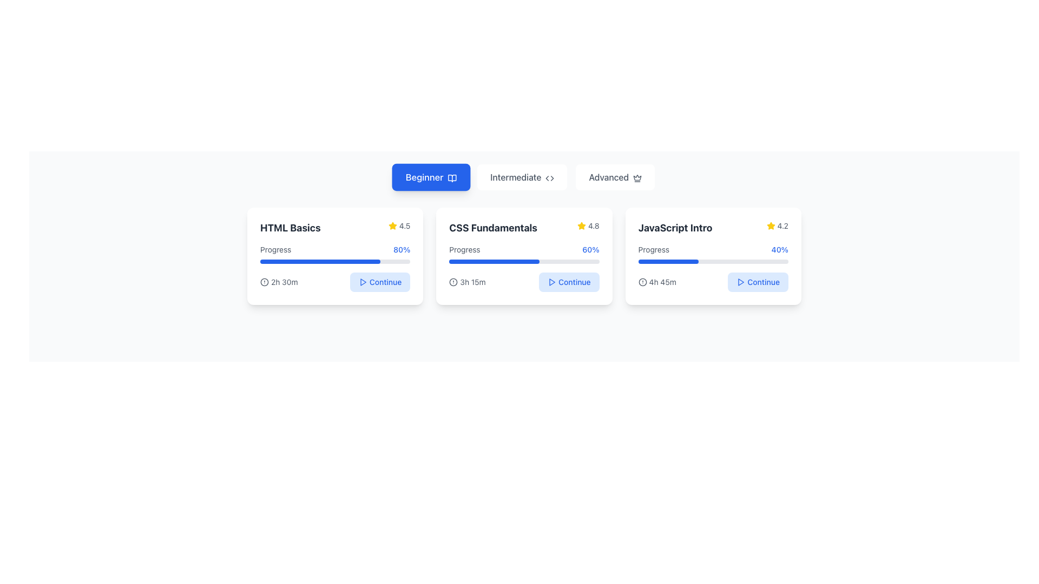 This screenshot has width=1039, height=584. I want to click on the Rating display element that consists of a yellow star icon and a text label showing '4.5', located in the upper-right corner of the 'HTML Basics' card beneath the 'Beginner' tab, so click(399, 225).